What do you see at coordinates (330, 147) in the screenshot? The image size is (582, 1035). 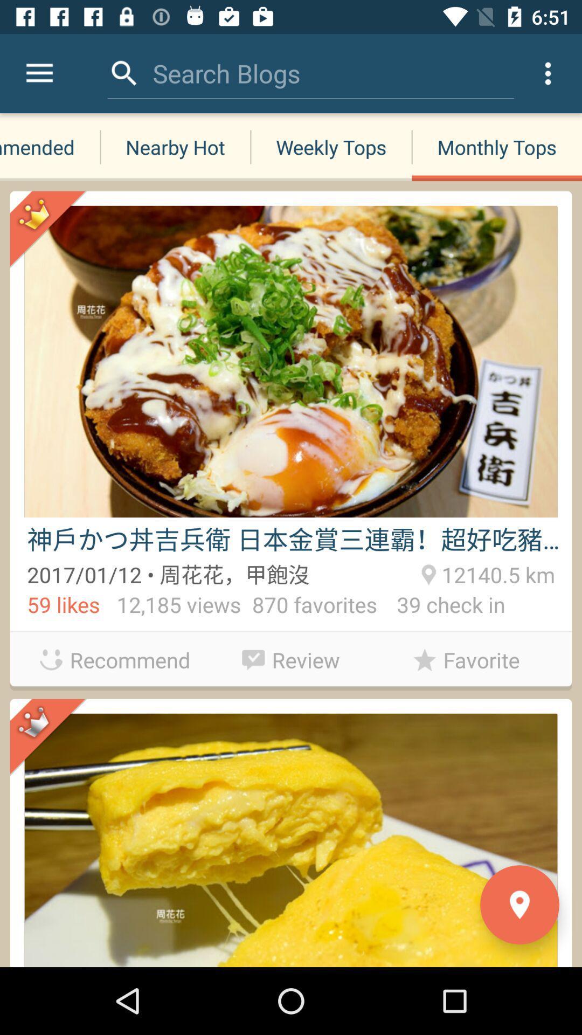 I see `the item to the left of monthly tops item` at bounding box center [330, 147].